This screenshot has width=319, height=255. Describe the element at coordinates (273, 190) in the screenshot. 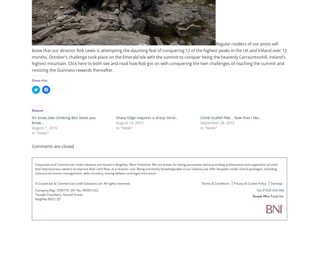

I see `'01535 654 594'` at that location.